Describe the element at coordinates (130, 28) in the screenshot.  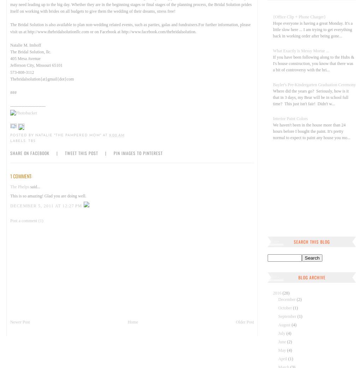
I see `'The Bridal Solution is also available to plan non-wedding related events, such as parties, galas and fundraisers.For further information, please visit us at http://www.thebridalsolutionllc.com or on Facebook at http://www.facebook.com/thebridalsolution.'` at that location.